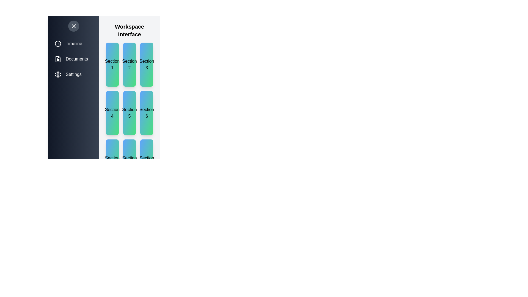  What do you see at coordinates (73, 59) in the screenshot?
I see `the Documents from the navigation menu` at bounding box center [73, 59].